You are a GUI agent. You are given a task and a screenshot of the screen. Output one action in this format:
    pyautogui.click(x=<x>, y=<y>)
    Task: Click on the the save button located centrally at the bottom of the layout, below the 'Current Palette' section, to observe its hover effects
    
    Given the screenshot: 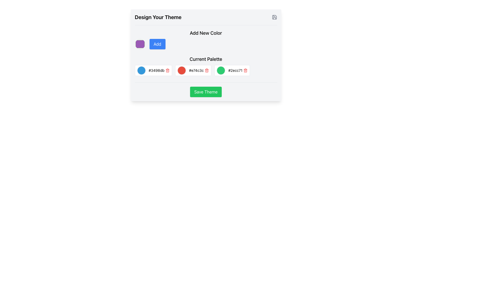 What is the action you would take?
    pyautogui.click(x=206, y=89)
    